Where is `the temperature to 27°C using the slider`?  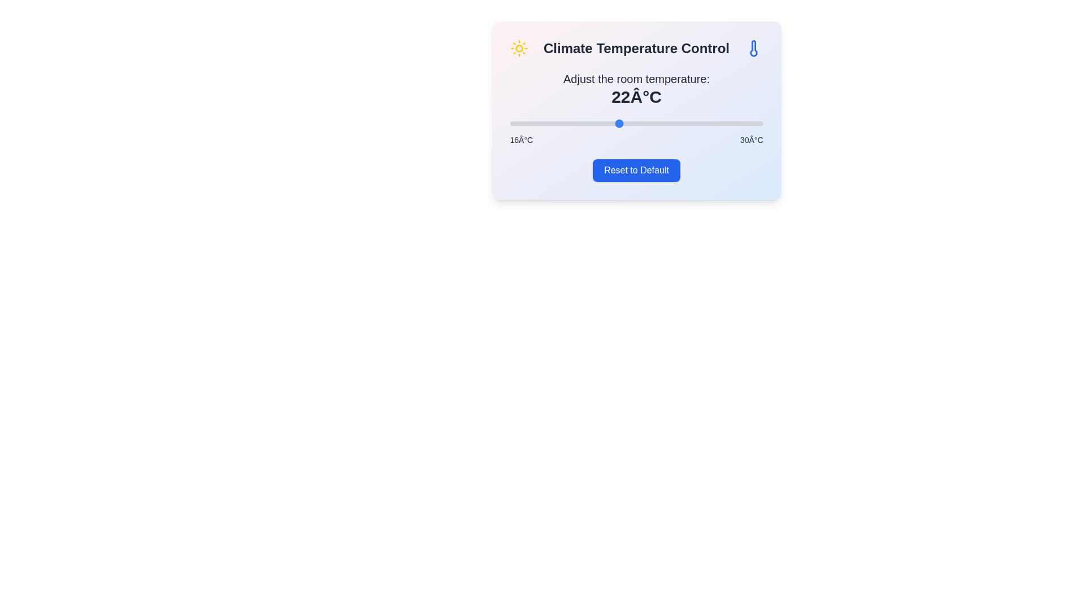
the temperature to 27°C using the slider is located at coordinates (708, 124).